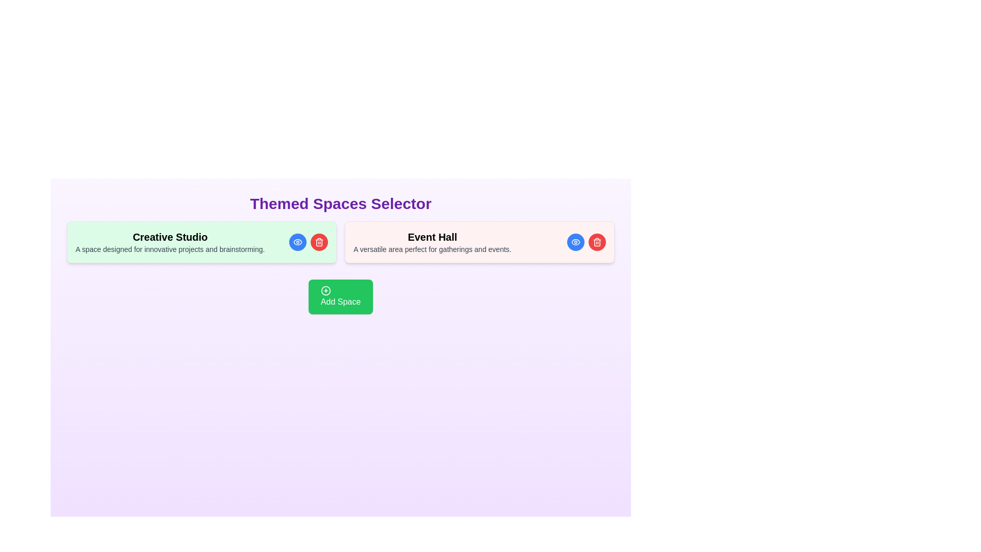  Describe the element at coordinates (308, 242) in the screenshot. I see `the trash button with a red background` at that location.